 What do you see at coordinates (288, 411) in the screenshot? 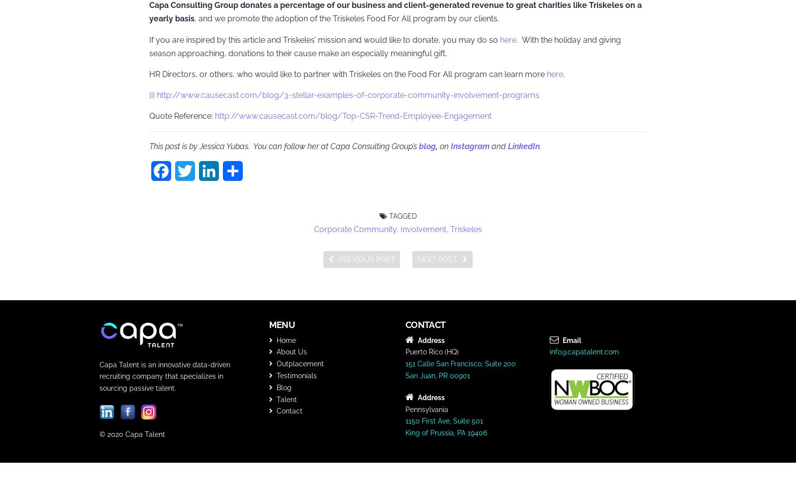
I see `'Contact'` at bounding box center [288, 411].